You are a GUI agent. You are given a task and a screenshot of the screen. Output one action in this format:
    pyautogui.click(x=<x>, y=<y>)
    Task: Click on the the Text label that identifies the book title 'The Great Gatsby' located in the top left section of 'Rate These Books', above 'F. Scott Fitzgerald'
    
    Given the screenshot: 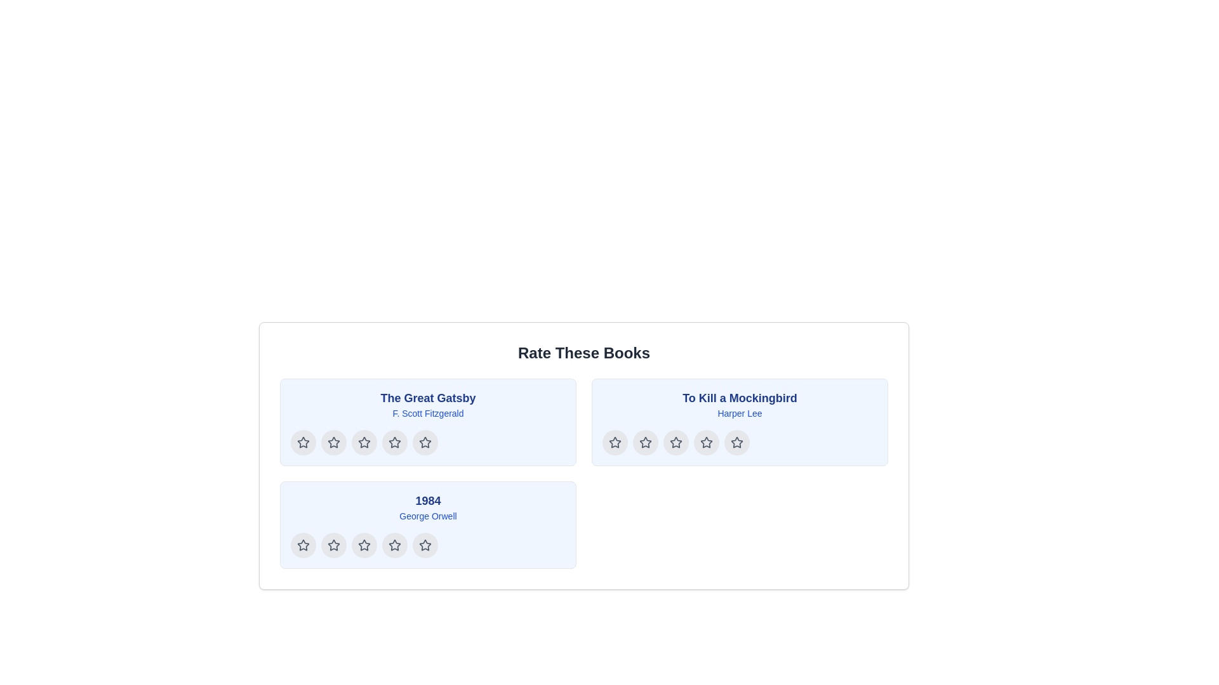 What is the action you would take?
    pyautogui.click(x=428, y=398)
    